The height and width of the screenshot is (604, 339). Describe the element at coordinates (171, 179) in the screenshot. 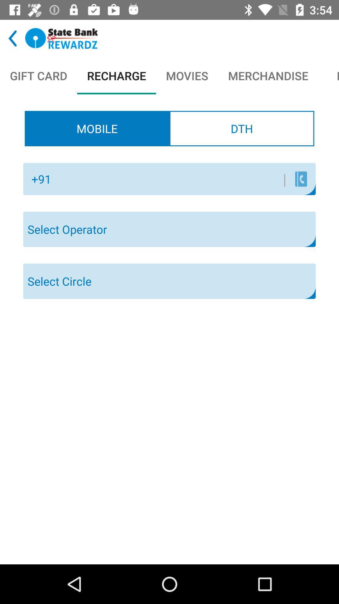

I see `the icon to the right of +91 app` at that location.